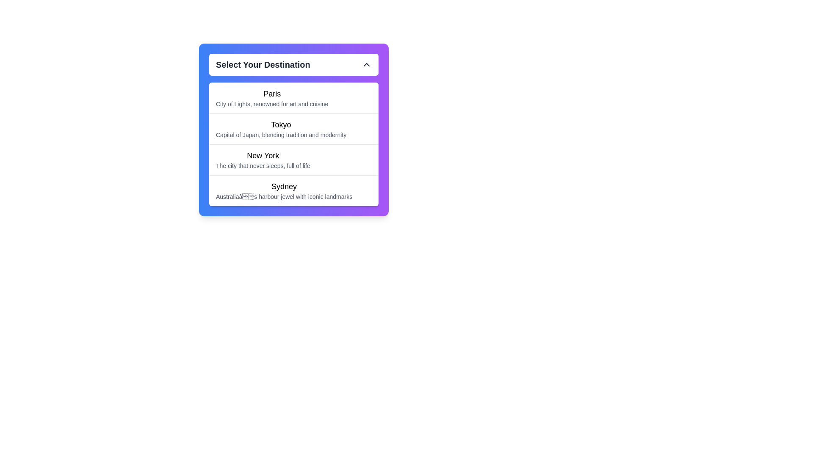  What do you see at coordinates (272, 104) in the screenshot?
I see `descriptive subtitle text label located immediately below 'Paris' in the drop-down list for the destination selection` at bounding box center [272, 104].